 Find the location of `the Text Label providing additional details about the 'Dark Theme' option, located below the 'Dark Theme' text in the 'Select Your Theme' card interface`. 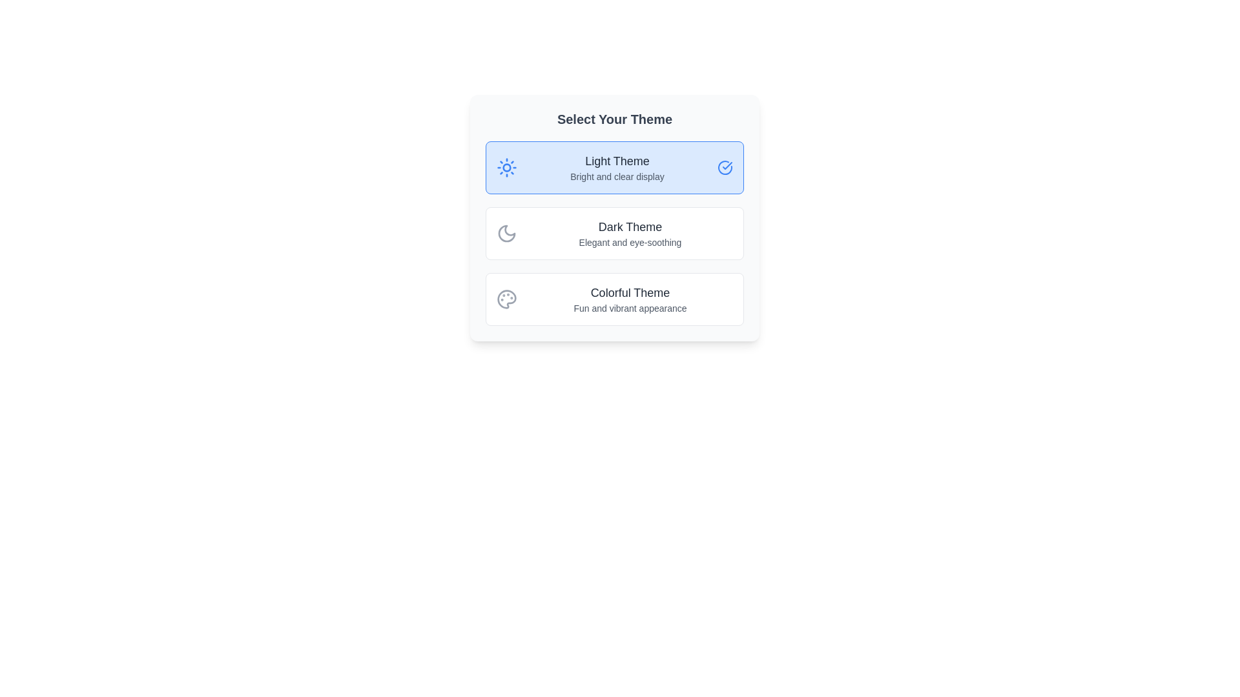

the Text Label providing additional details about the 'Dark Theme' option, located below the 'Dark Theme' text in the 'Select Your Theme' card interface is located at coordinates (630, 242).